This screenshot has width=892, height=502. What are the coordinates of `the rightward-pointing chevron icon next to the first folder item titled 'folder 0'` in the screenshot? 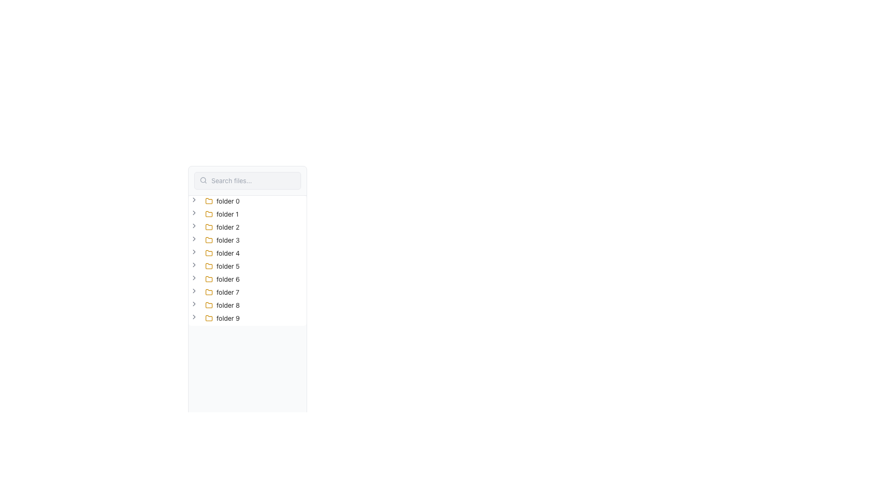 It's located at (193, 199).